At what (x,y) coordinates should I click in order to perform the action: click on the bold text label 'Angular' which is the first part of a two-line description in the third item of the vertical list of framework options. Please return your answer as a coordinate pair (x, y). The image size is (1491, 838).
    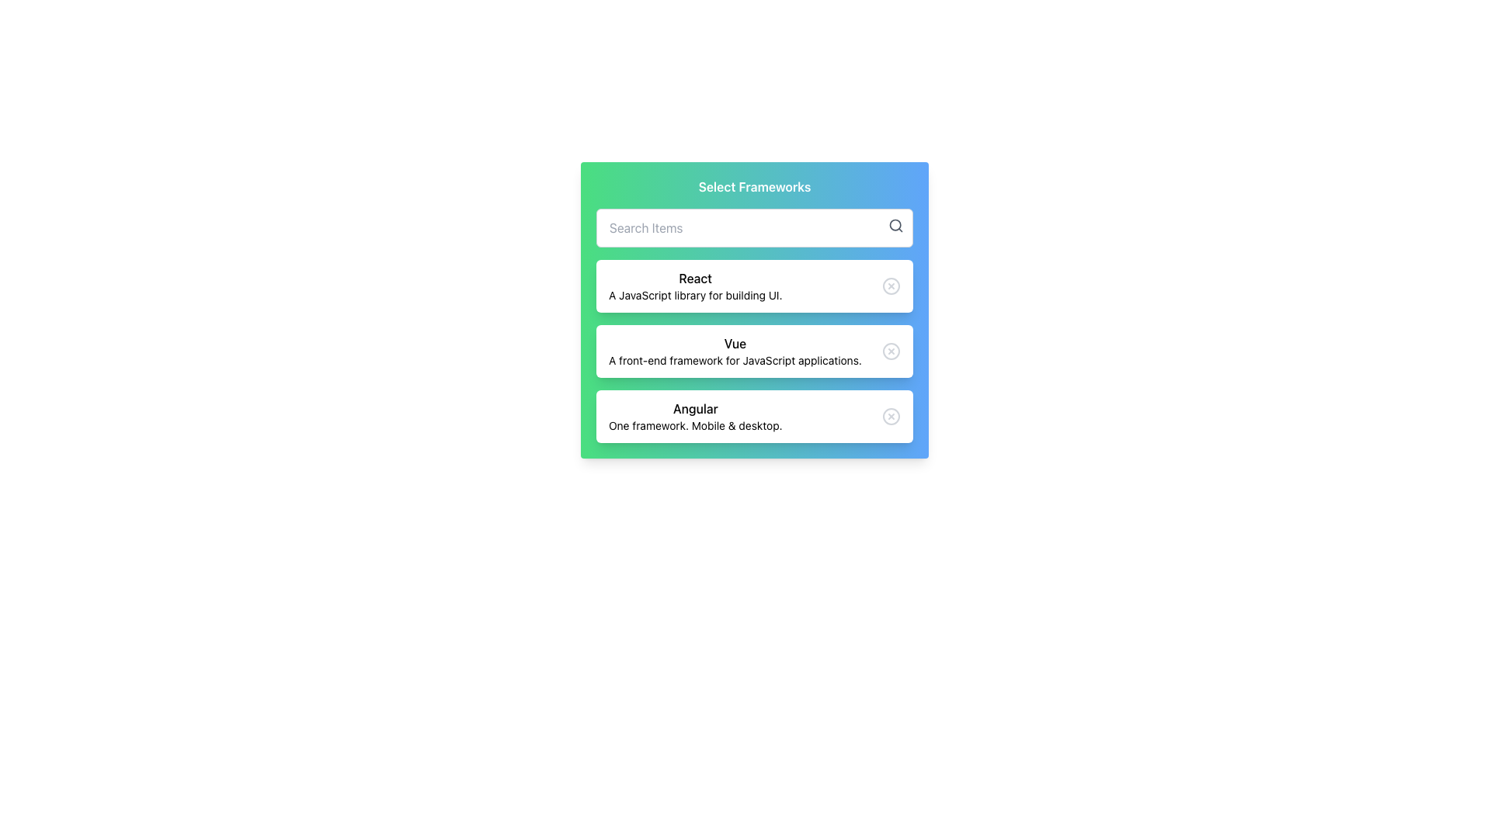
    Looking at the image, I should click on (694, 408).